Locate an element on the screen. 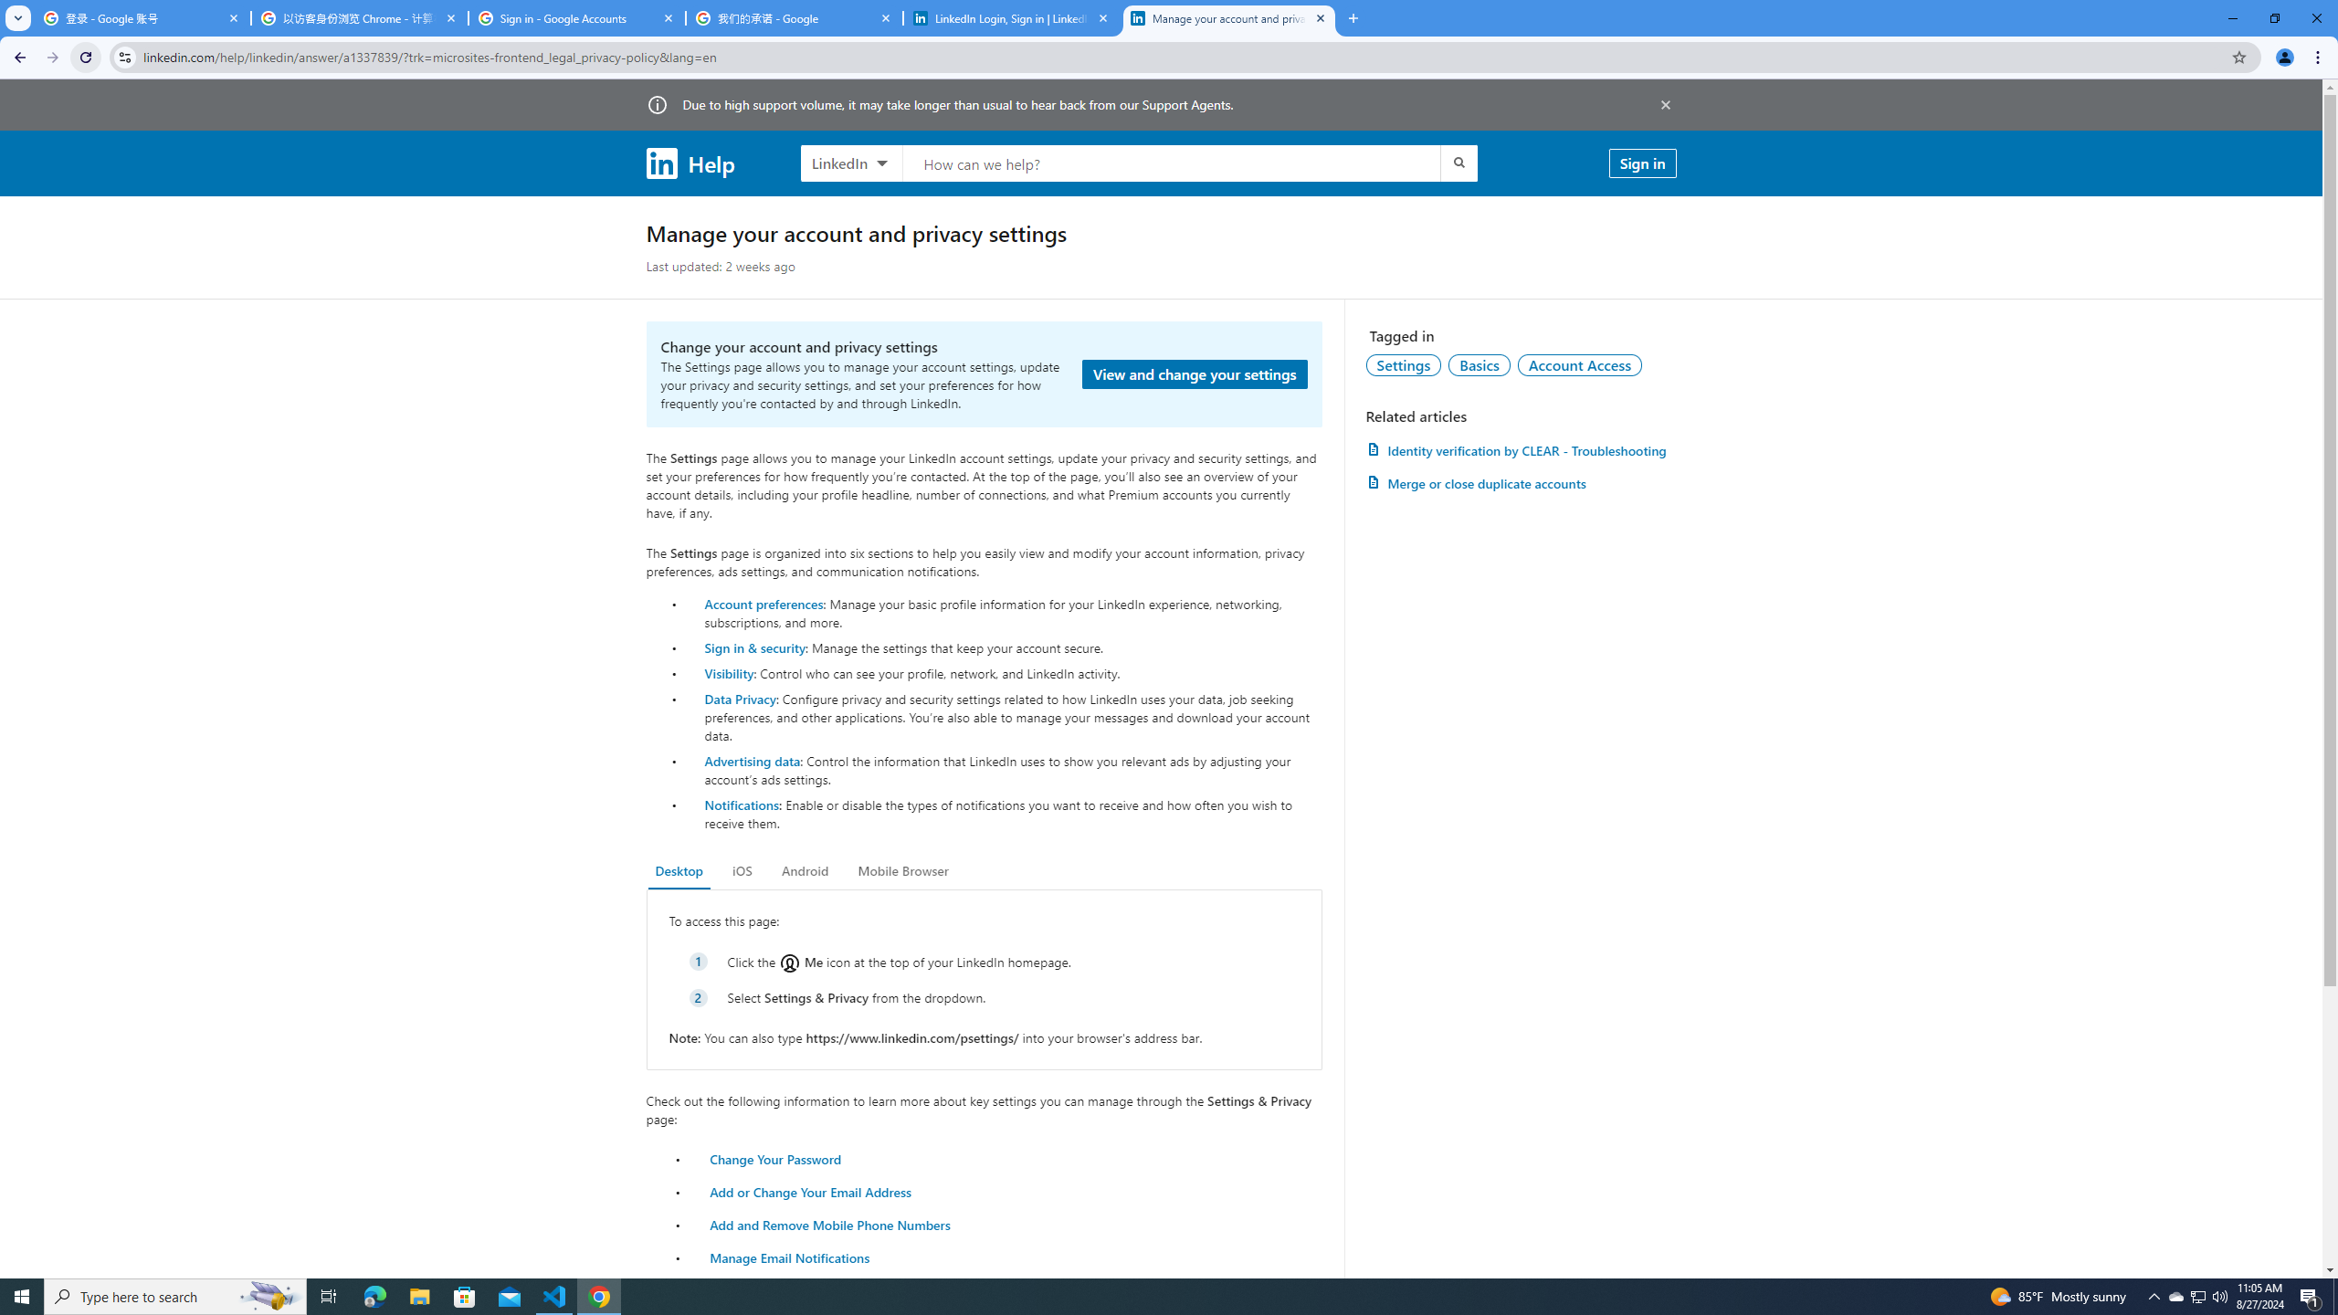  'Merge or close duplicate accounts' is located at coordinates (1520, 482).